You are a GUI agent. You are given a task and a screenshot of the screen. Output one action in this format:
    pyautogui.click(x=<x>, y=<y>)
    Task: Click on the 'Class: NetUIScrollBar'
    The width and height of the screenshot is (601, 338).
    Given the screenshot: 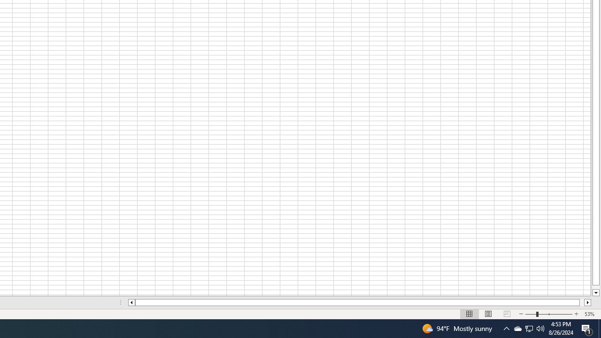 What is the action you would take?
    pyautogui.click(x=359, y=302)
    